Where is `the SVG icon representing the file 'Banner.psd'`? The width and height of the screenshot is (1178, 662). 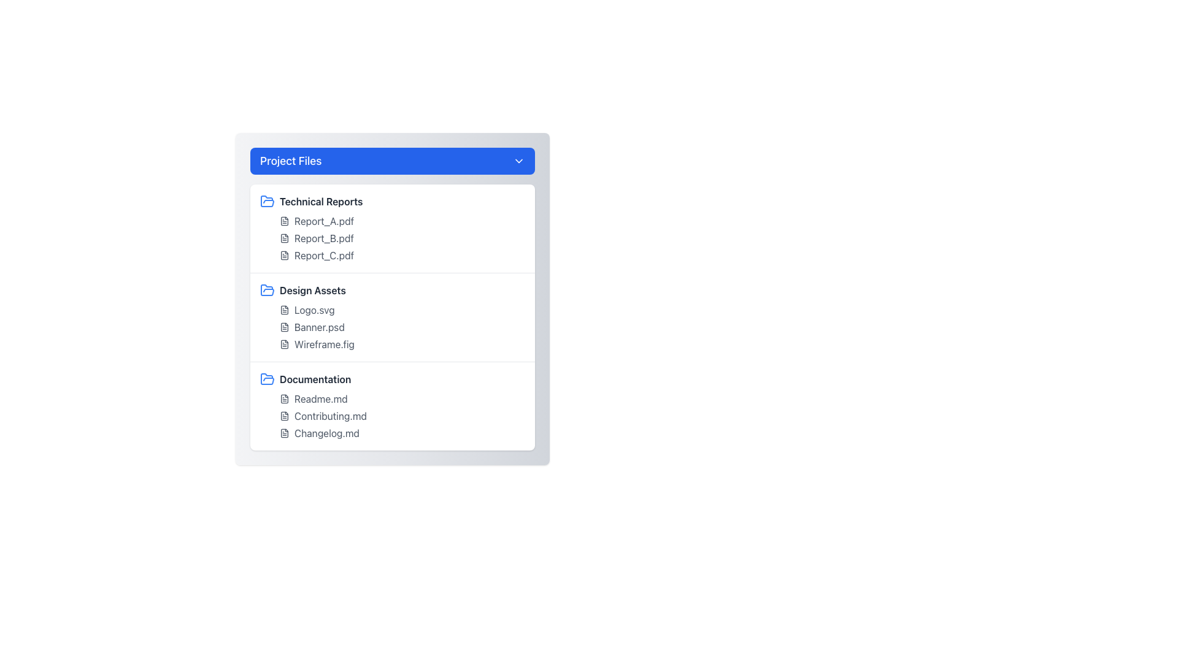
the SVG icon representing the file 'Banner.psd' is located at coordinates (284, 326).